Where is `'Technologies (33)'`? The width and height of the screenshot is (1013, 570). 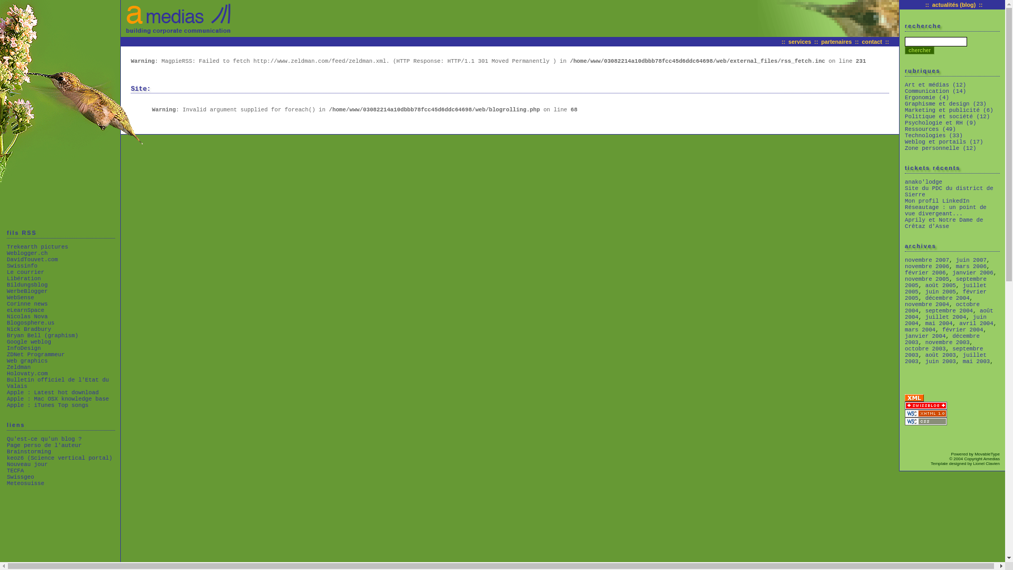 'Technologies (33)' is located at coordinates (934, 135).